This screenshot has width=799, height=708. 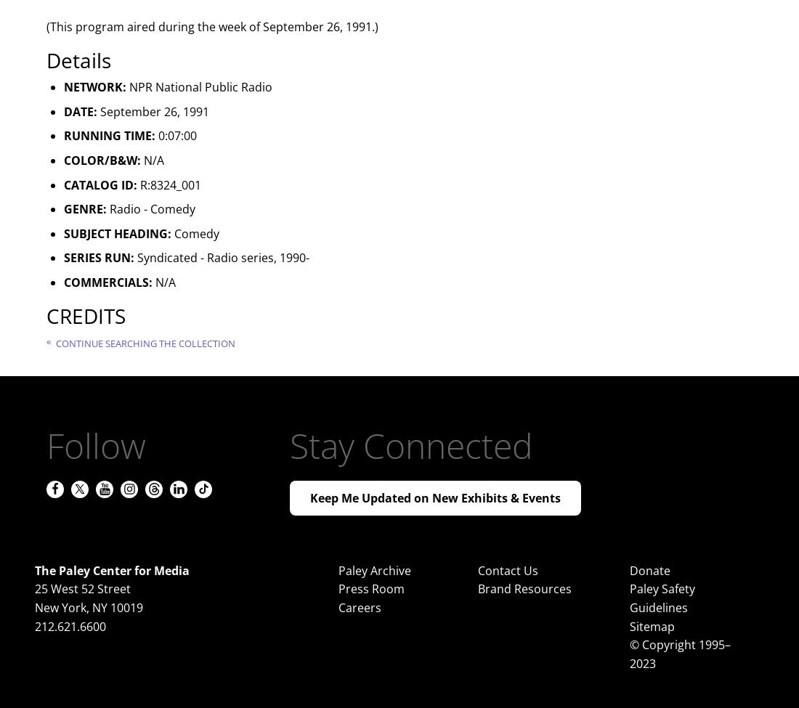 I want to click on 'Paley Safety Guidelines', so click(x=662, y=598).